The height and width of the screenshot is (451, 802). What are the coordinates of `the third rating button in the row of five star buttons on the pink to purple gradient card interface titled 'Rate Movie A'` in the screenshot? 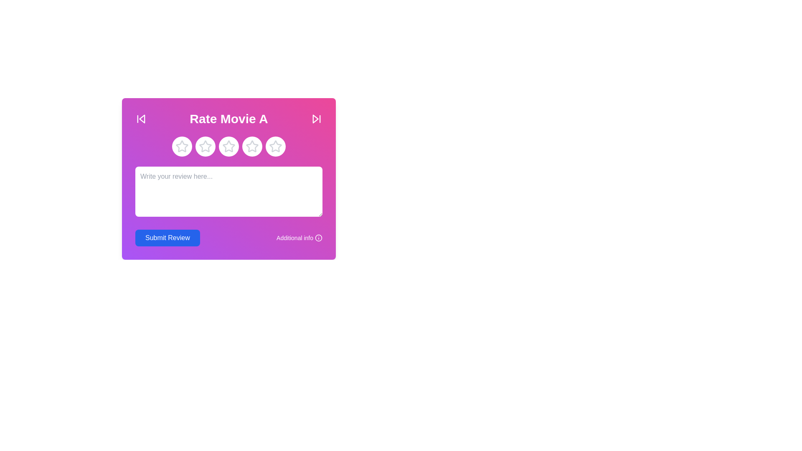 It's located at (228, 146).